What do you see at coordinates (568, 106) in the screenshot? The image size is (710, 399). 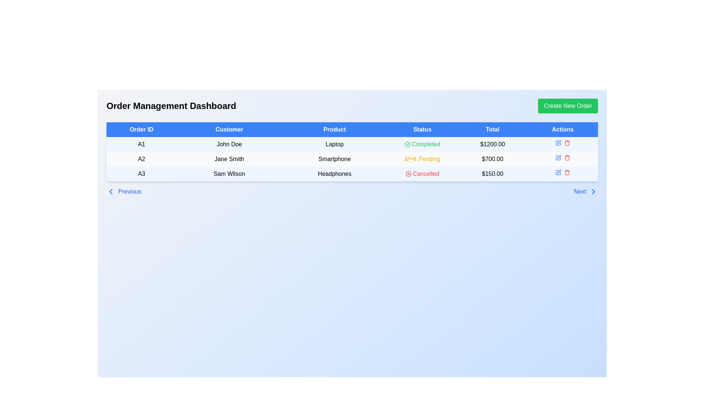 I see `the green button labeled 'Create New Order' to trigger hover-specific effects` at bounding box center [568, 106].